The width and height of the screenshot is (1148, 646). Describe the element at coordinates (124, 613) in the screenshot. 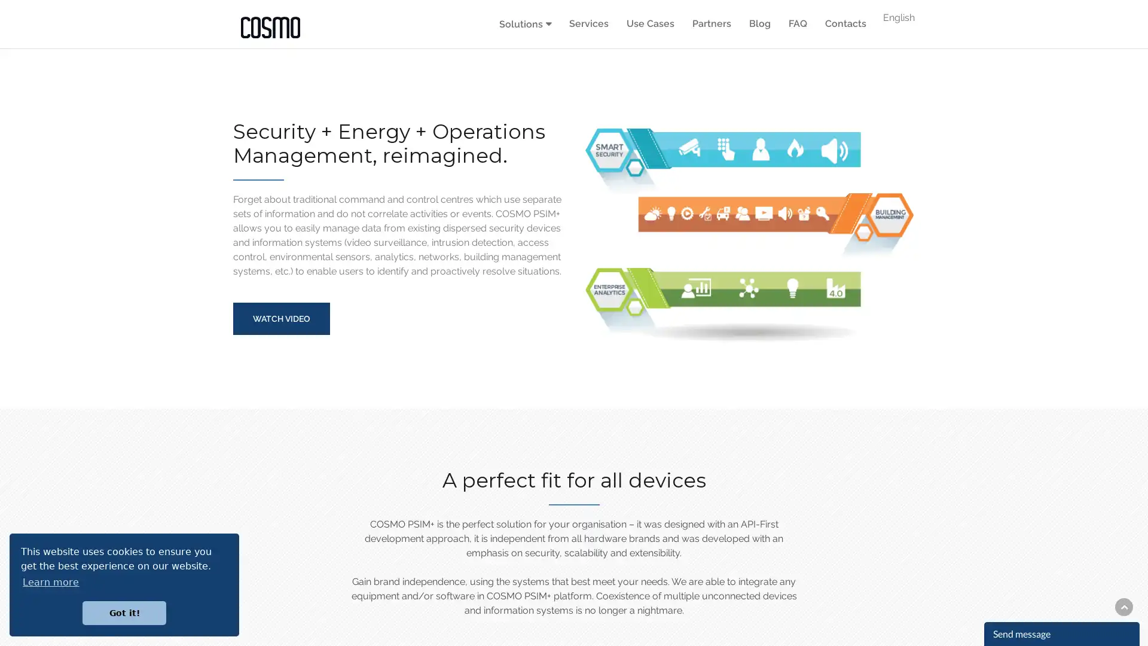

I see `dismiss cookie message` at that location.